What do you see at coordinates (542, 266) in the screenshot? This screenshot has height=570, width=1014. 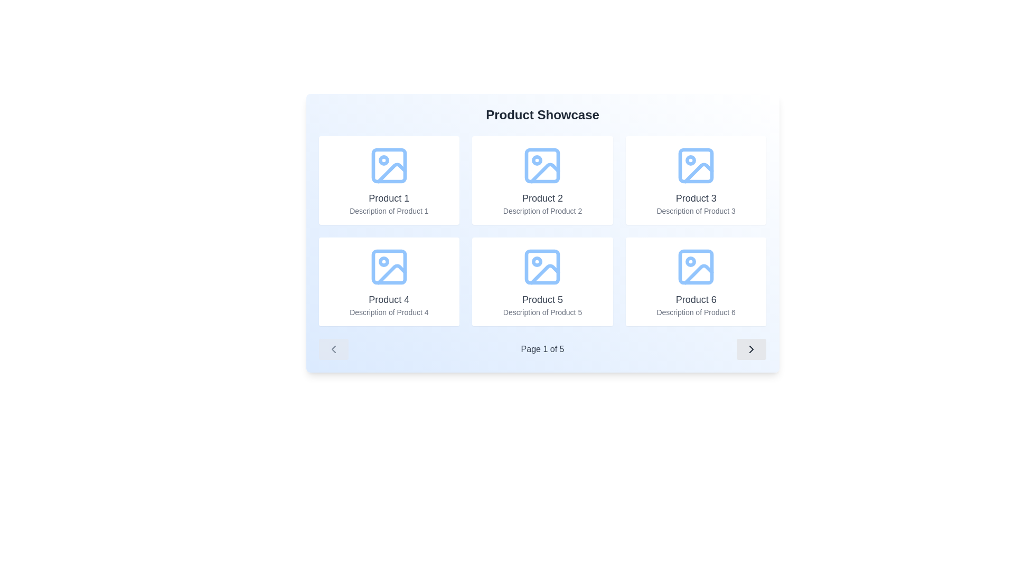 I see `the icon representing 'Product 5' in the 'Product Showcase' section` at bounding box center [542, 266].